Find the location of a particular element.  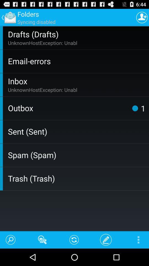

press to add is located at coordinates (142, 17).